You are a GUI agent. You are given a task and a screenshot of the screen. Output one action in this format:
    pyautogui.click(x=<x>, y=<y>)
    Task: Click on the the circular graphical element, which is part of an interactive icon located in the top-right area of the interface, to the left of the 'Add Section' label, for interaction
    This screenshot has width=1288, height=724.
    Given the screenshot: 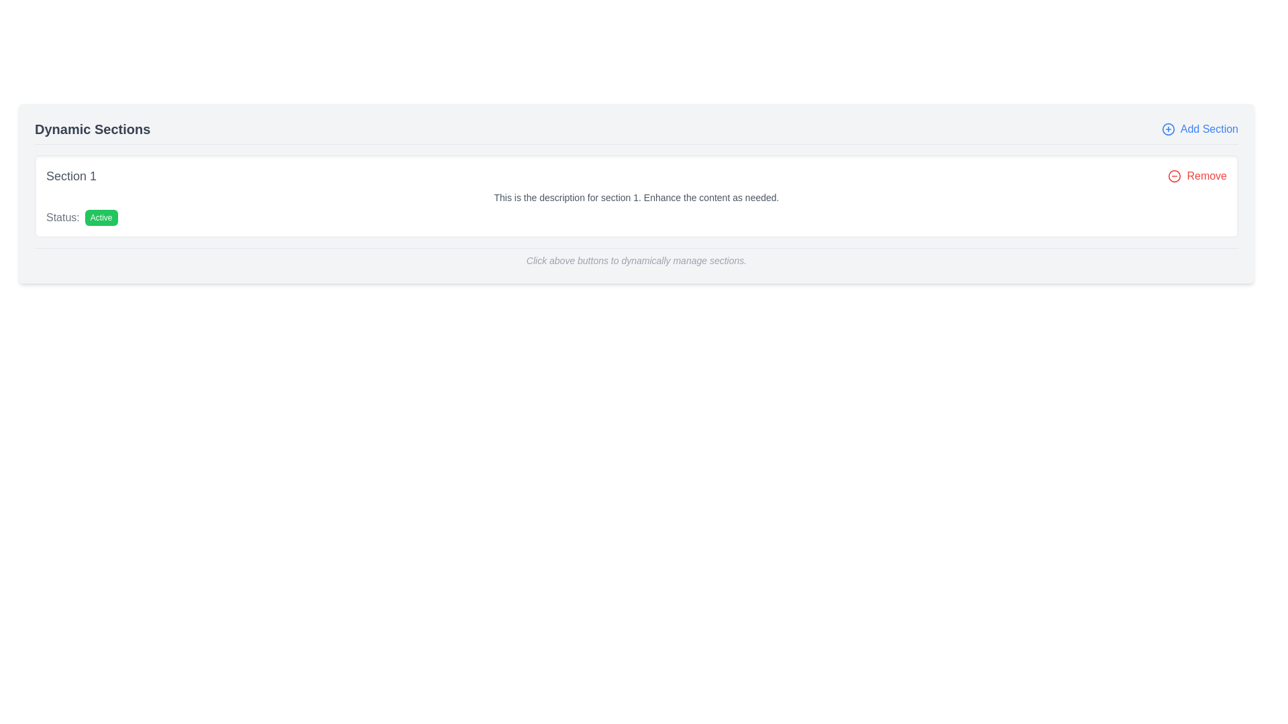 What is the action you would take?
    pyautogui.click(x=1167, y=129)
    